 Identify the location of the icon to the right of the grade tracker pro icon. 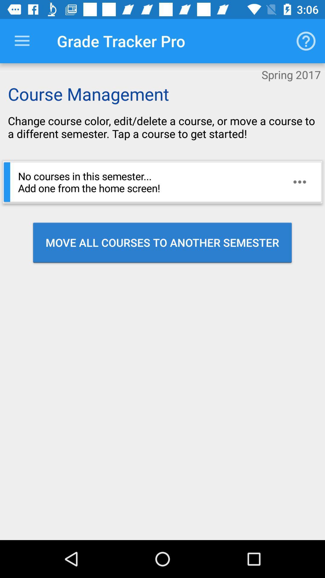
(306, 41).